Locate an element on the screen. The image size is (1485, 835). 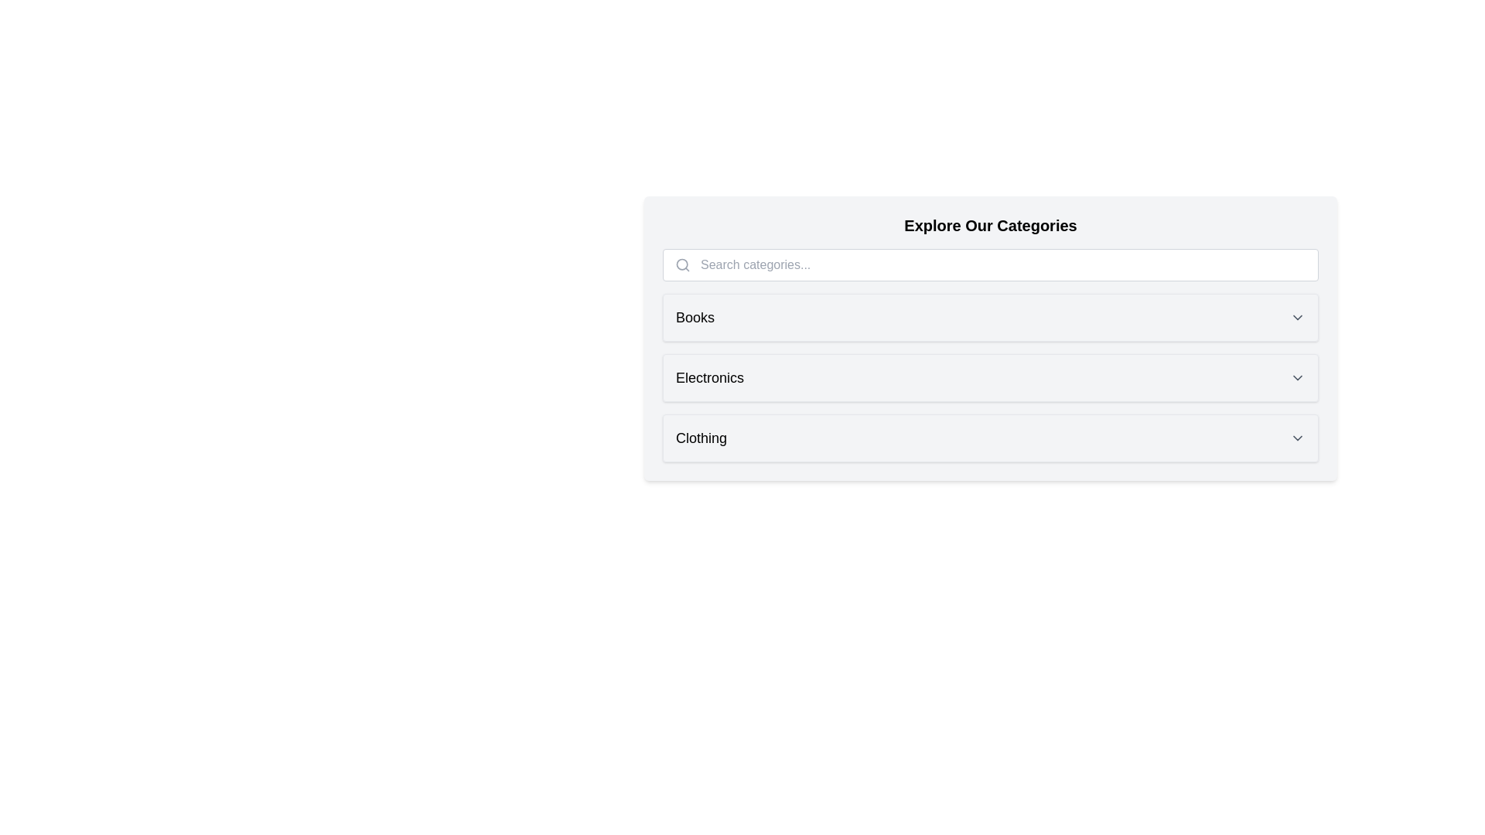
the chevron of the category Clothing to expand or collapse it is located at coordinates (1298, 438).